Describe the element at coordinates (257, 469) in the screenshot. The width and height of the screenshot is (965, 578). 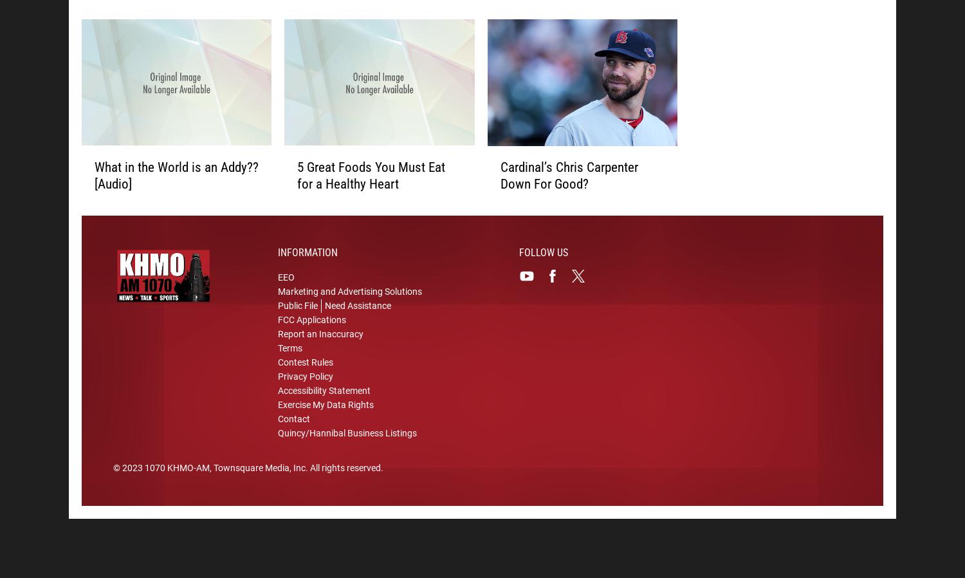
I see `', Townsquare Media, Inc'` at that location.